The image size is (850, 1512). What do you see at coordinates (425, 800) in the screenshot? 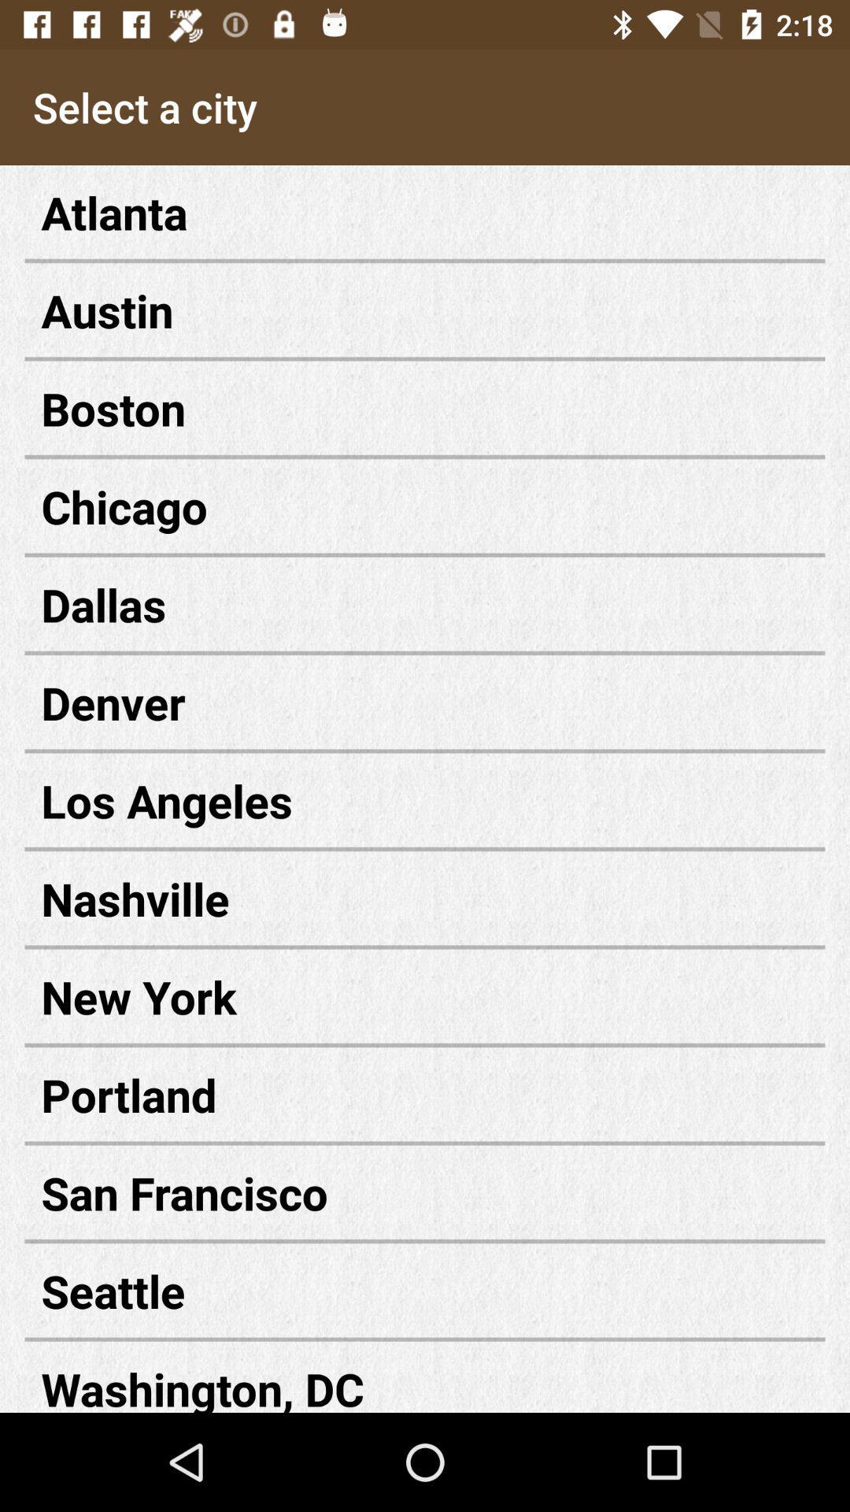
I see `icon above nashville icon` at bounding box center [425, 800].